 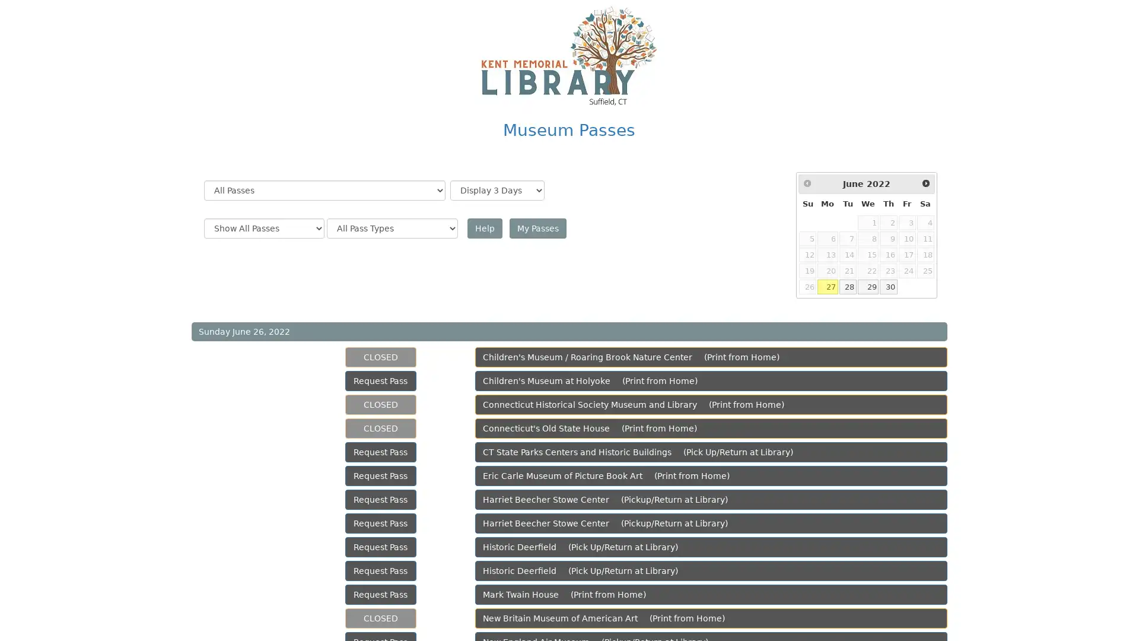 I want to click on Historic Deerfield     (Pick Up/Return at Library), so click(x=711, y=547).